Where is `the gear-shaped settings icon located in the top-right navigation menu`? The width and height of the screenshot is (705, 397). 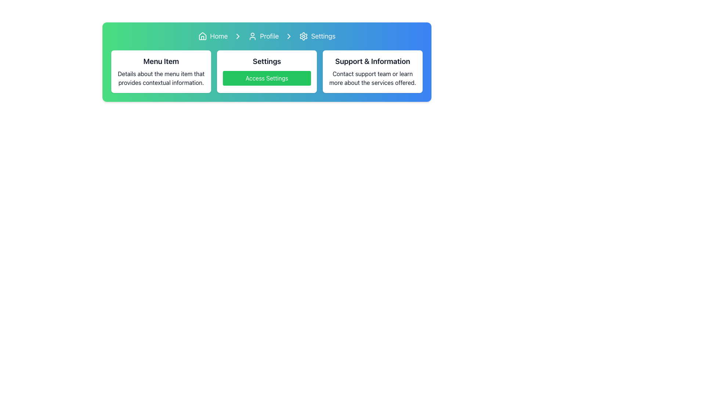 the gear-shaped settings icon located in the top-right navigation menu is located at coordinates (304, 36).